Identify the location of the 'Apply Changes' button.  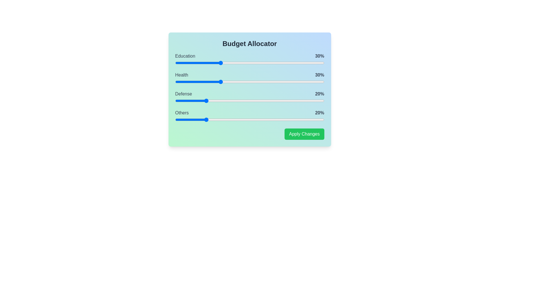
(304, 134).